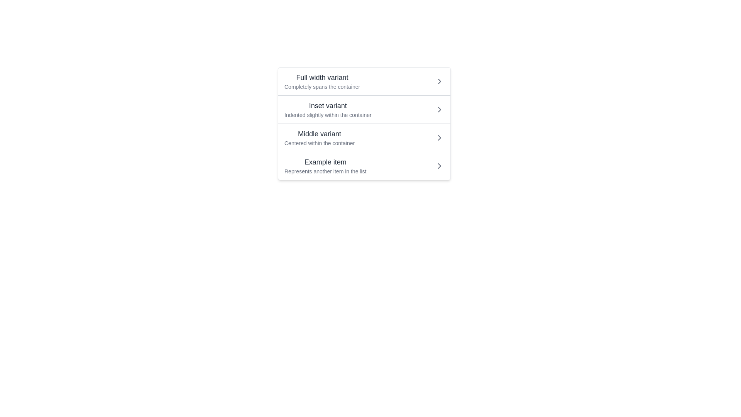  Describe the element at coordinates (320, 134) in the screenshot. I see `the primary label for the third list item, which provides a title or description for the option it represents` at that location.